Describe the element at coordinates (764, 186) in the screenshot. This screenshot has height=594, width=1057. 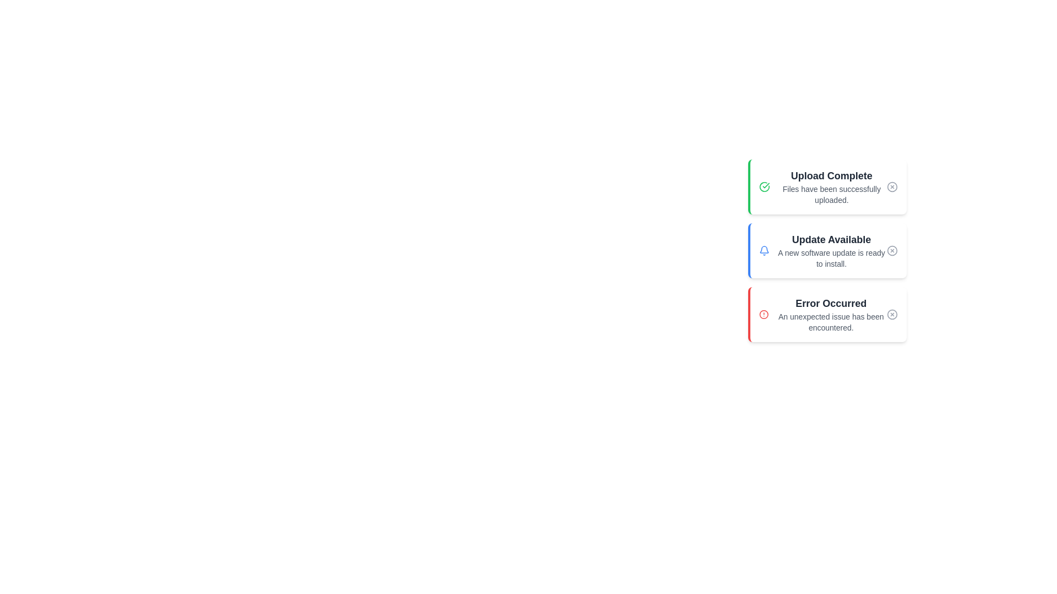
I see `the icon associated with the notification titled 'Upload Complete'` at that location.